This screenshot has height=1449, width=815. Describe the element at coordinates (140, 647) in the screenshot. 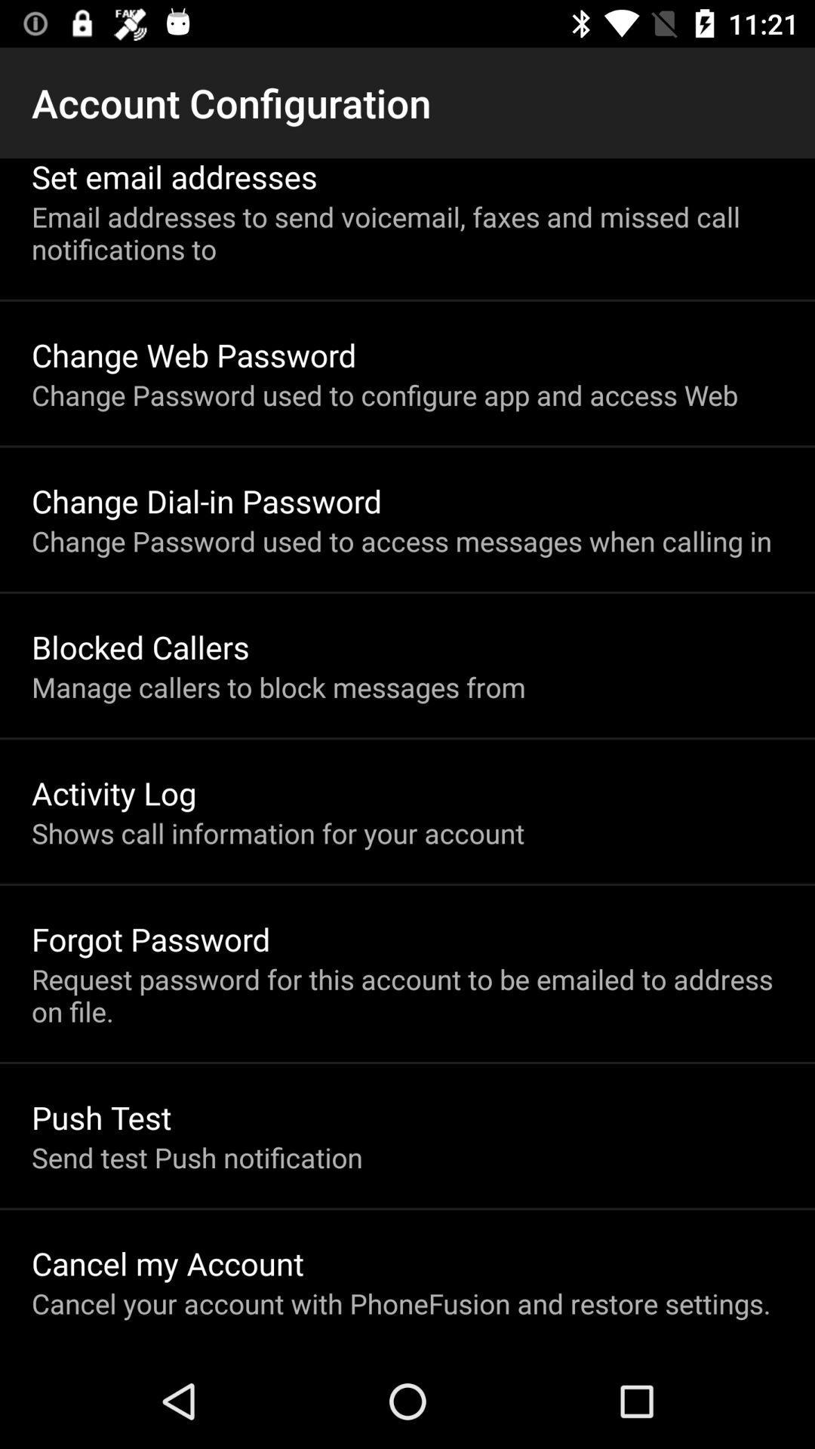

I see `icon below change password used item` at that location.